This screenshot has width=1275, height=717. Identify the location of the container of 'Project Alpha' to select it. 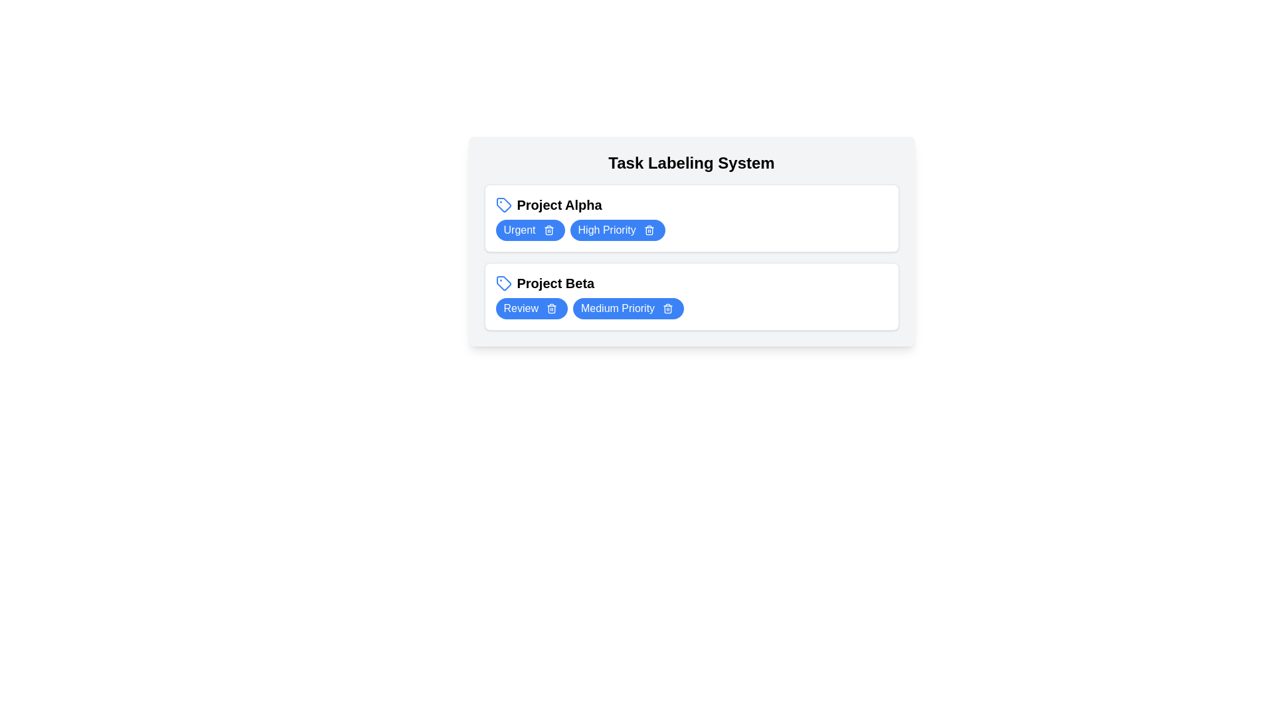
(691, 217).